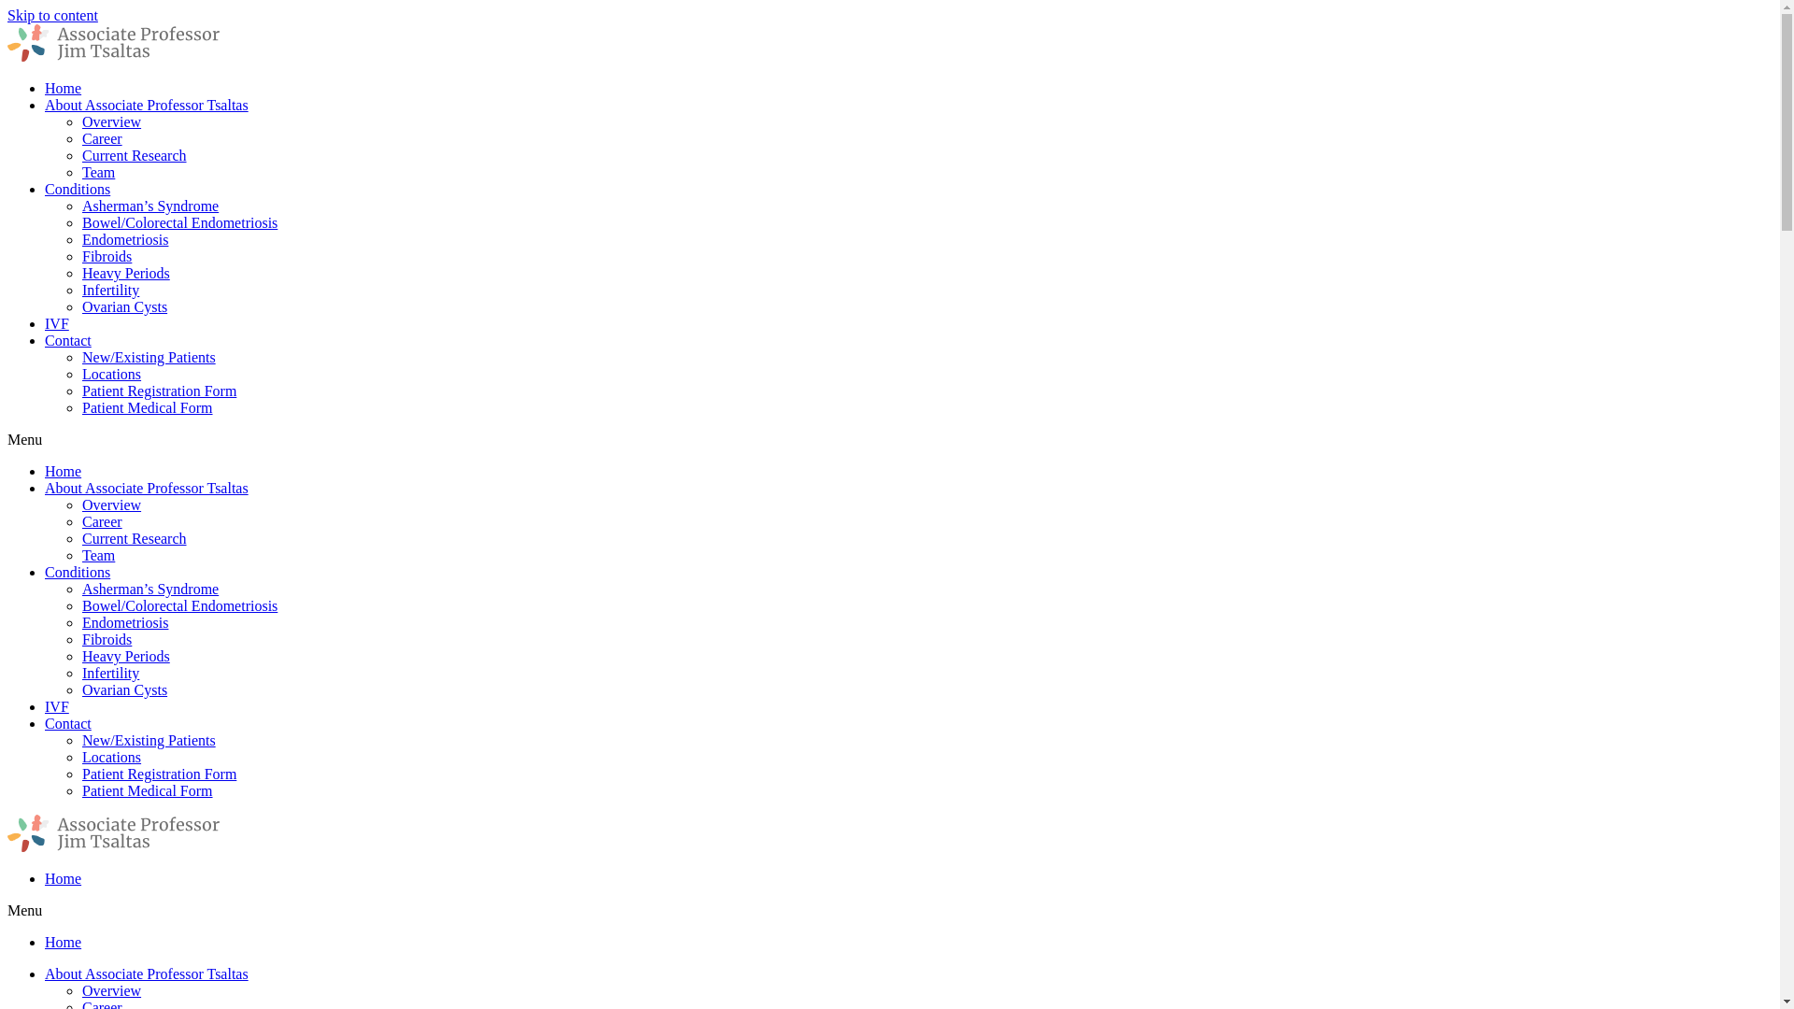 The height and width of the screenshot is (1009, 1794). What do you see at coordinates (52, 15) in the screenshot?
I see `'Skip to content'` at bounding box center [52, 15].